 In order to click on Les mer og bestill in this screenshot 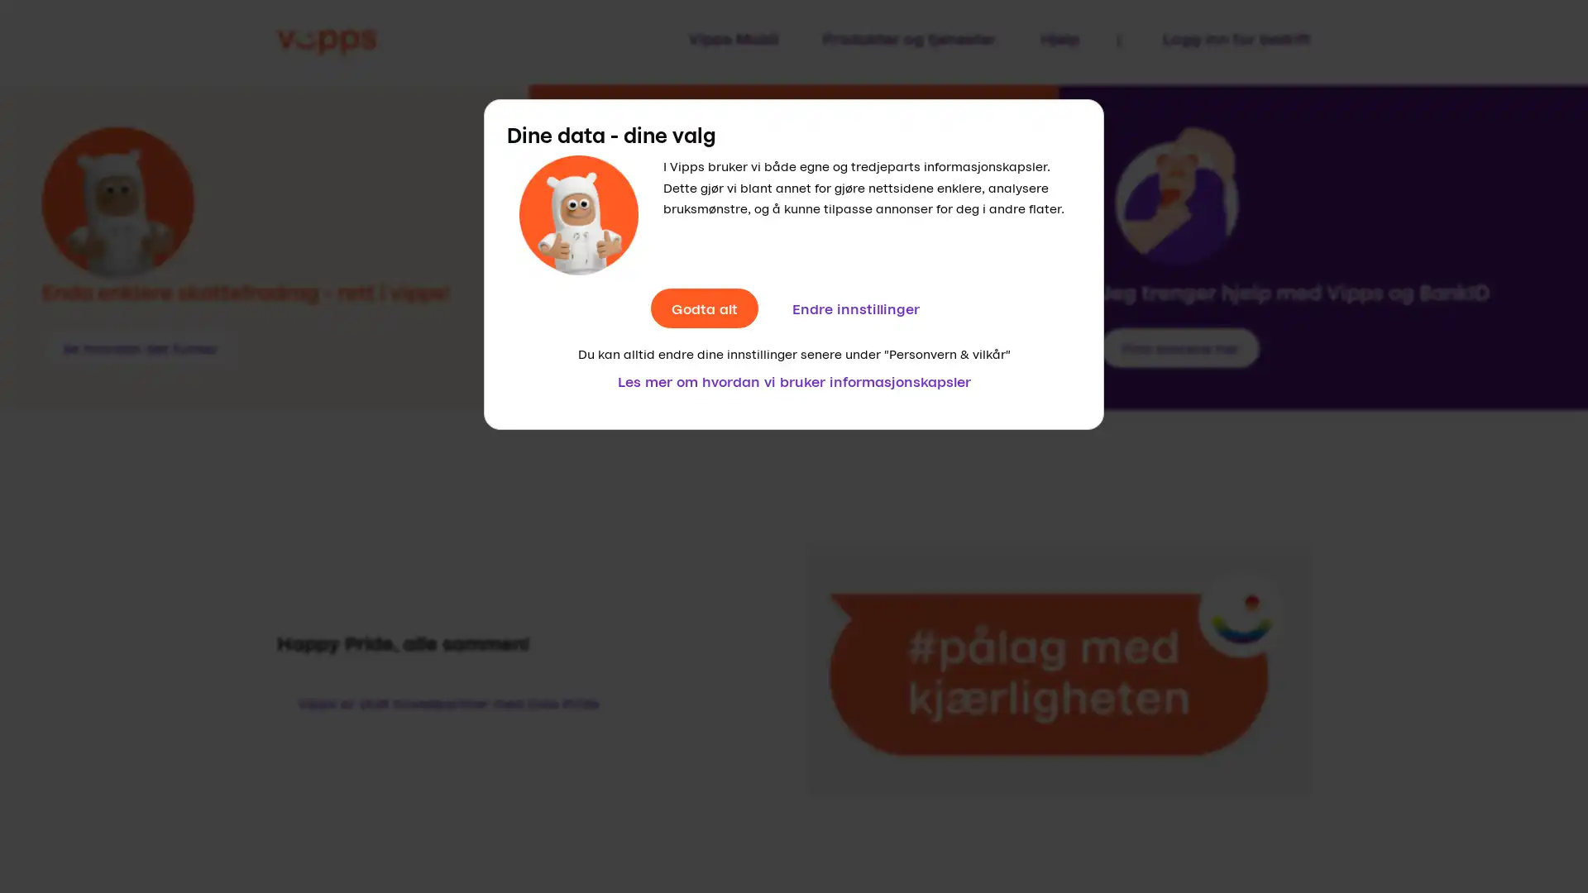, I will do `click(651, 346)`.